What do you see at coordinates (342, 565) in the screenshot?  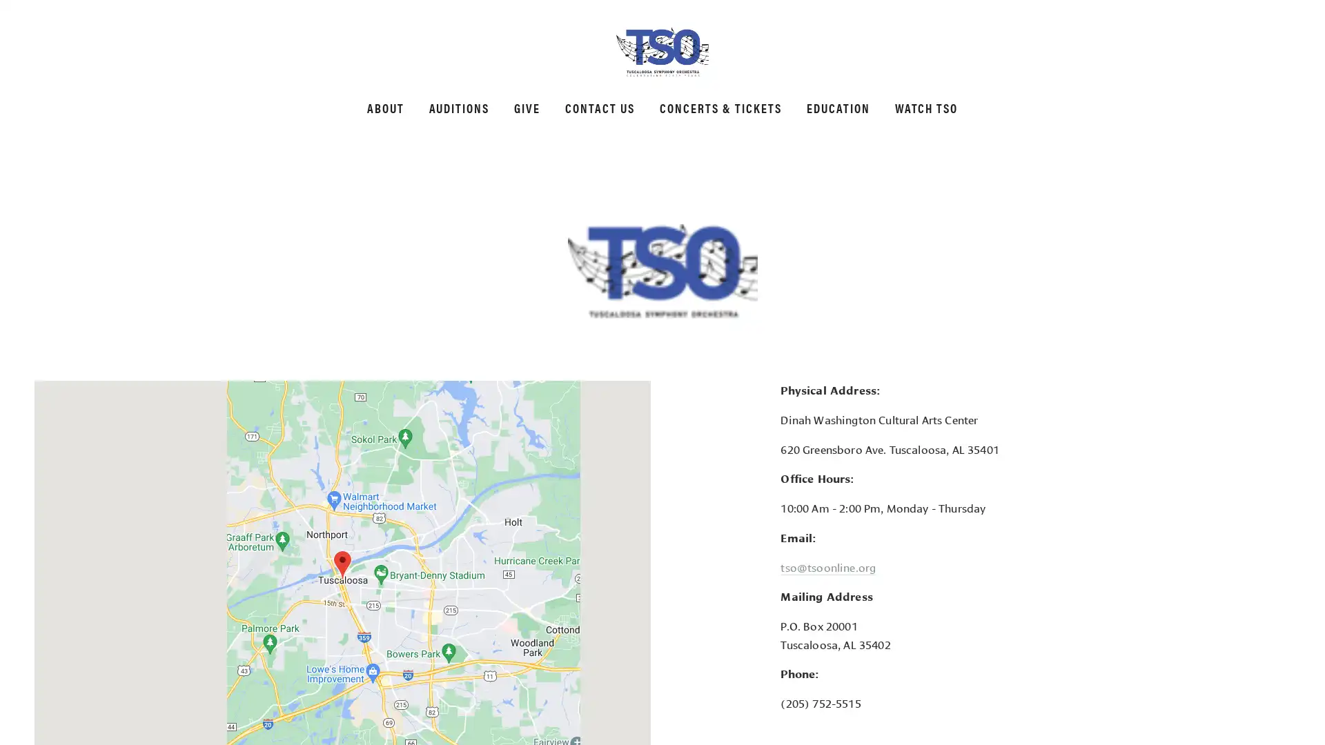 I see `Tuscaloosa Alabama, United States` at bounding box center [342, 565].